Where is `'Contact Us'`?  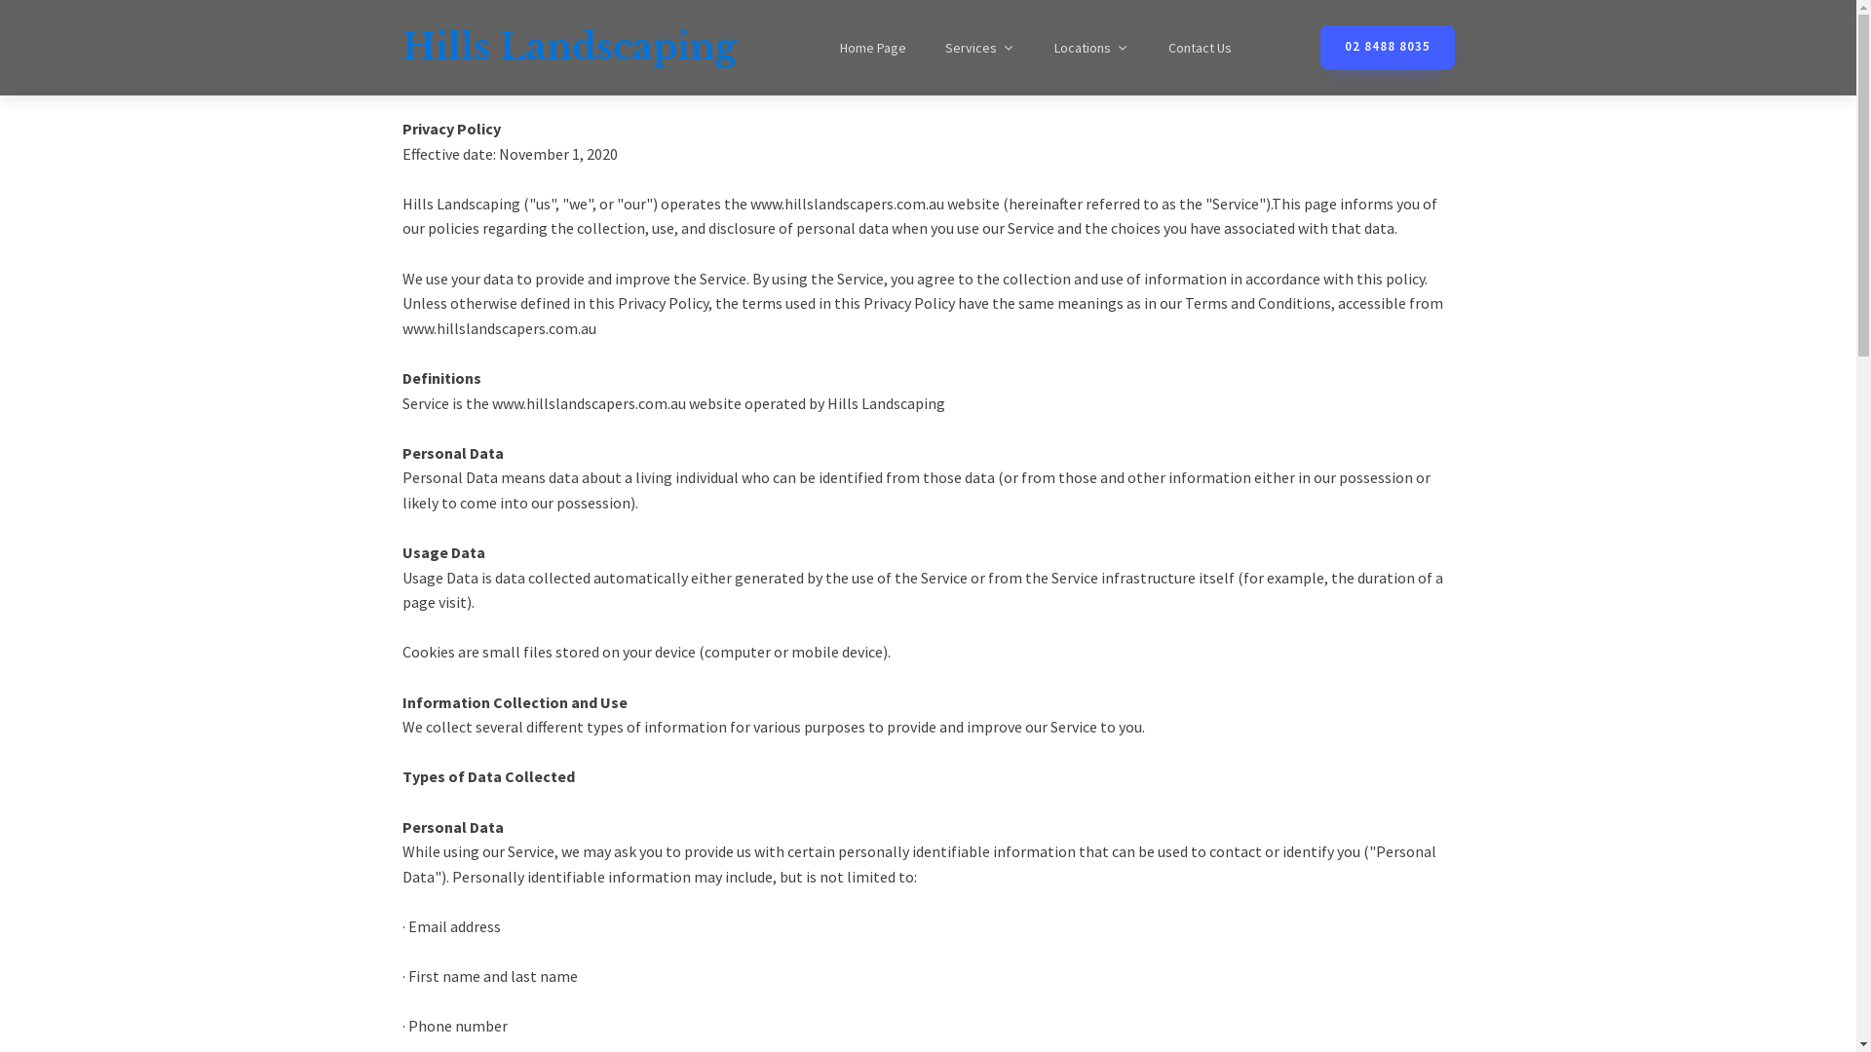
'Contact Us' is located at coordinates (1147, 47).